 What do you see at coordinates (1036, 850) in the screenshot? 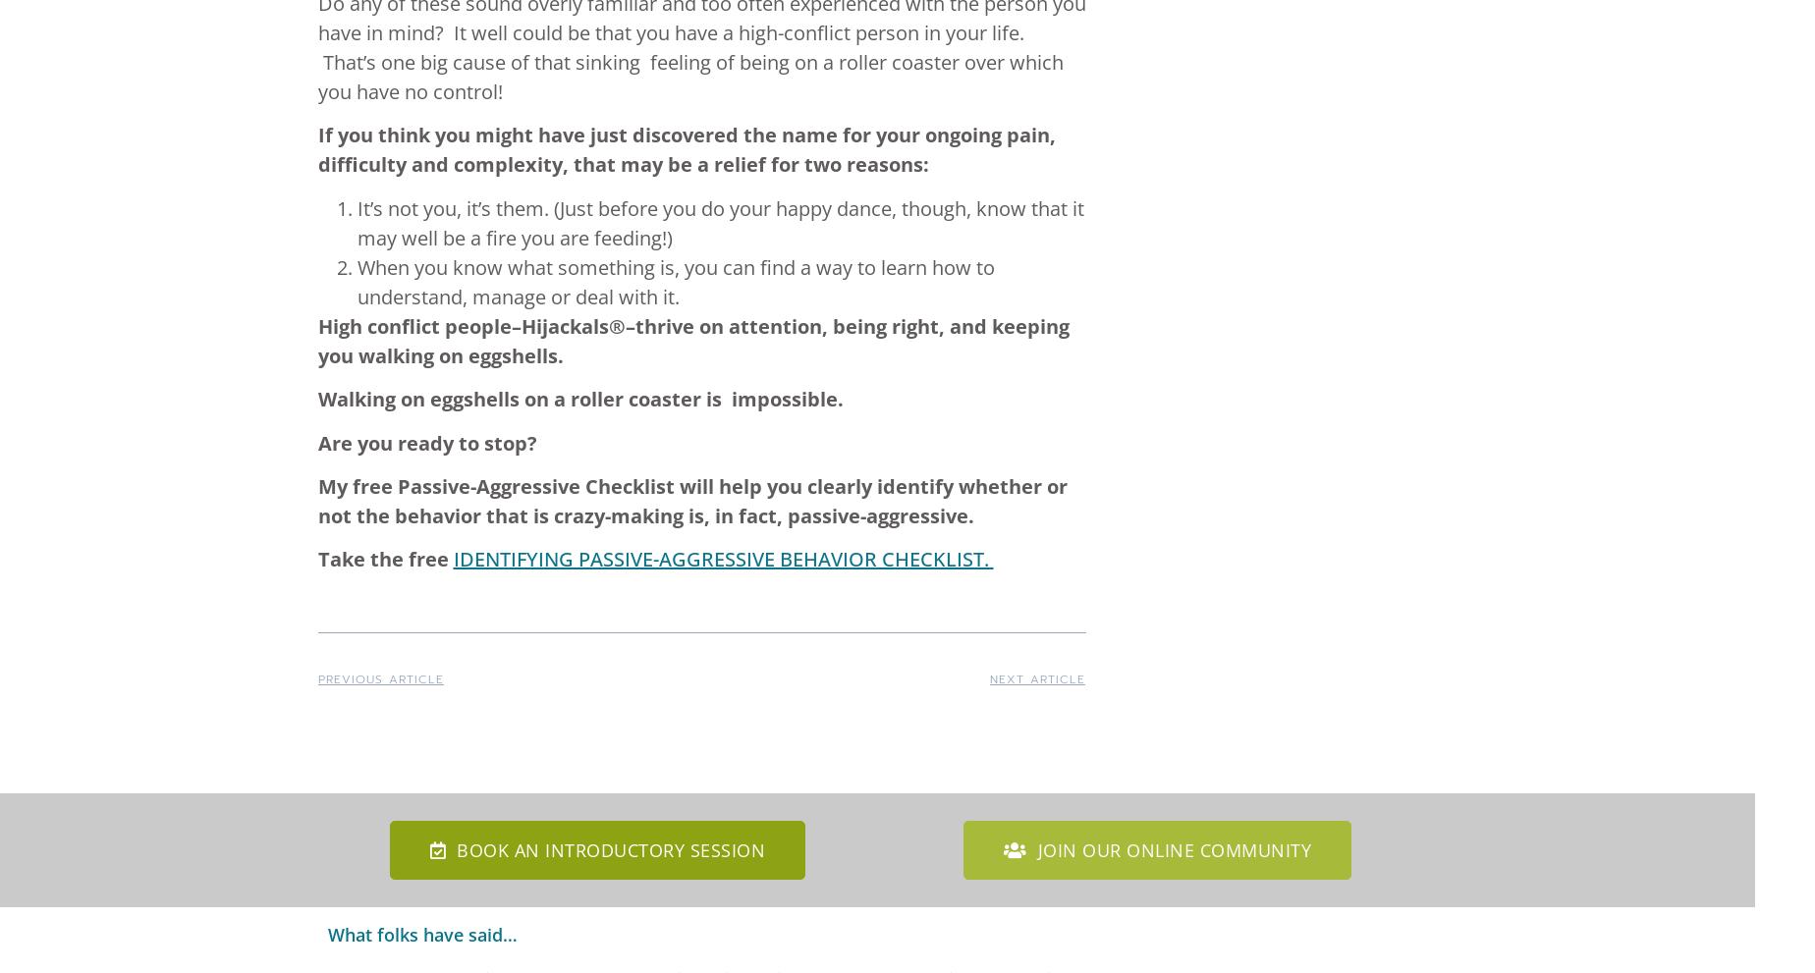
I see `'Join our online community'` at bounding box center [1036, 850].